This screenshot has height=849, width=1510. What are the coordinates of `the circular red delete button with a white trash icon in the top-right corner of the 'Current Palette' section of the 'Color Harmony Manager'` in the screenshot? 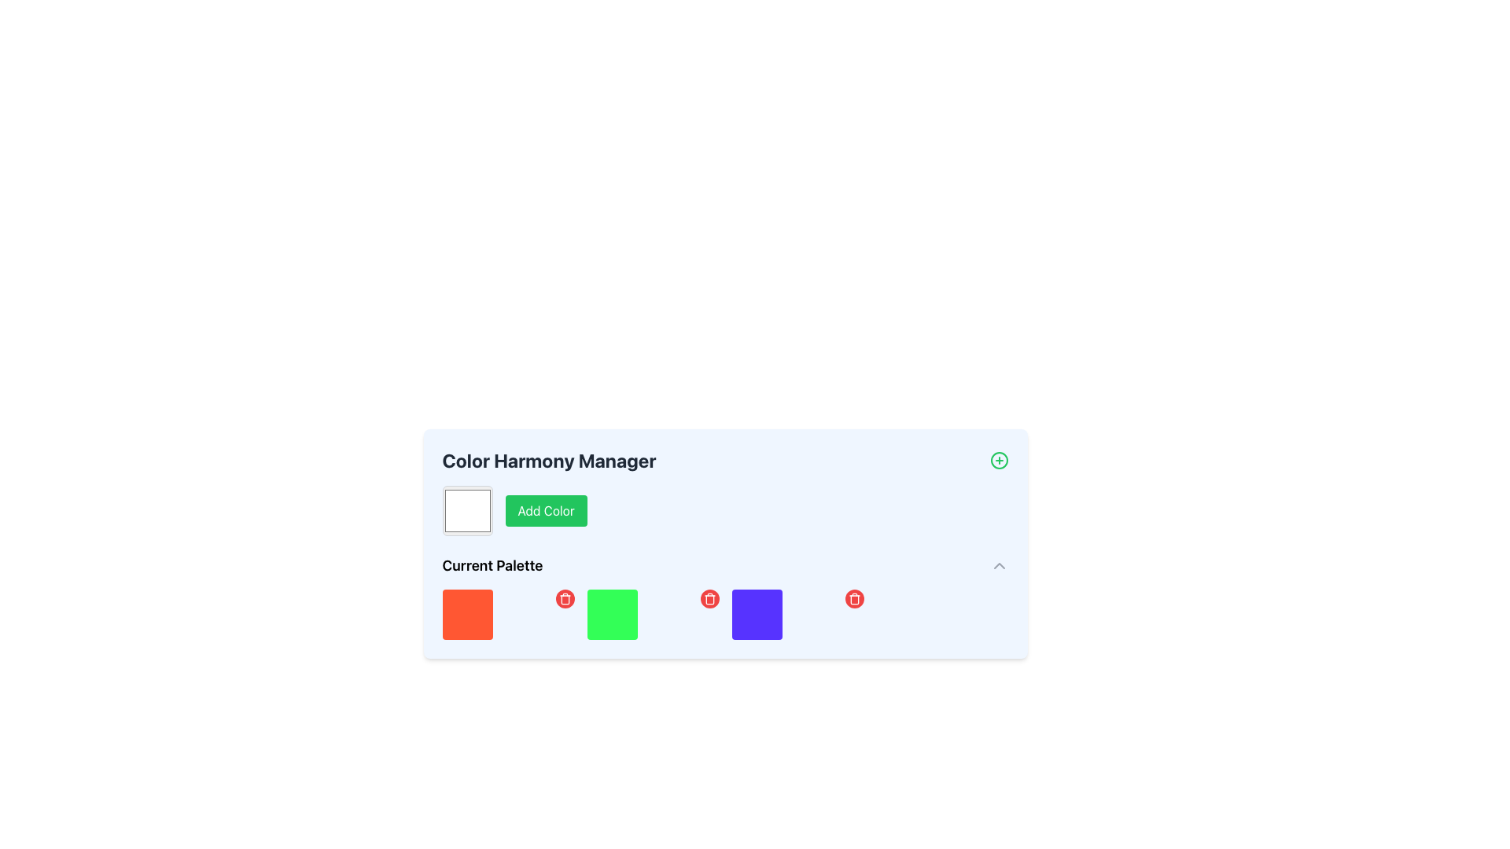 It's located at (565, 599).